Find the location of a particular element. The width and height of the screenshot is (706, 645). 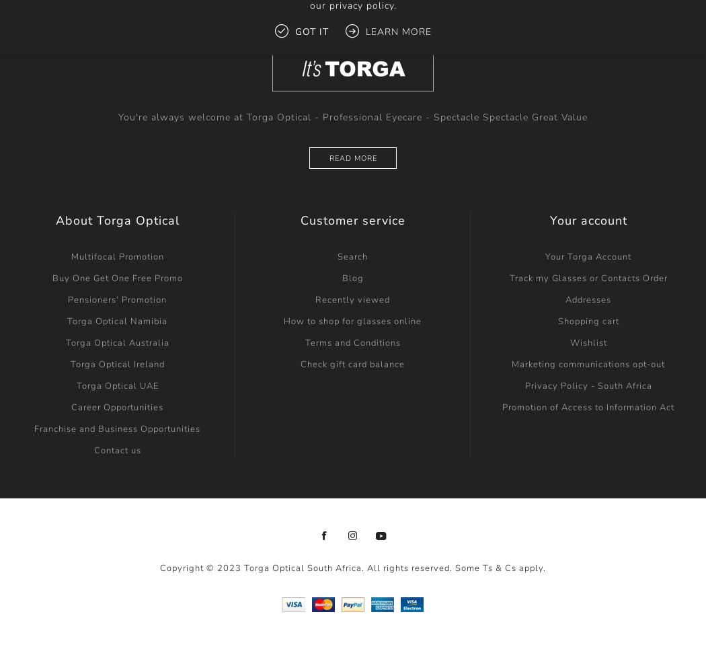

'Learn more' is located at coordinates (397, 31).